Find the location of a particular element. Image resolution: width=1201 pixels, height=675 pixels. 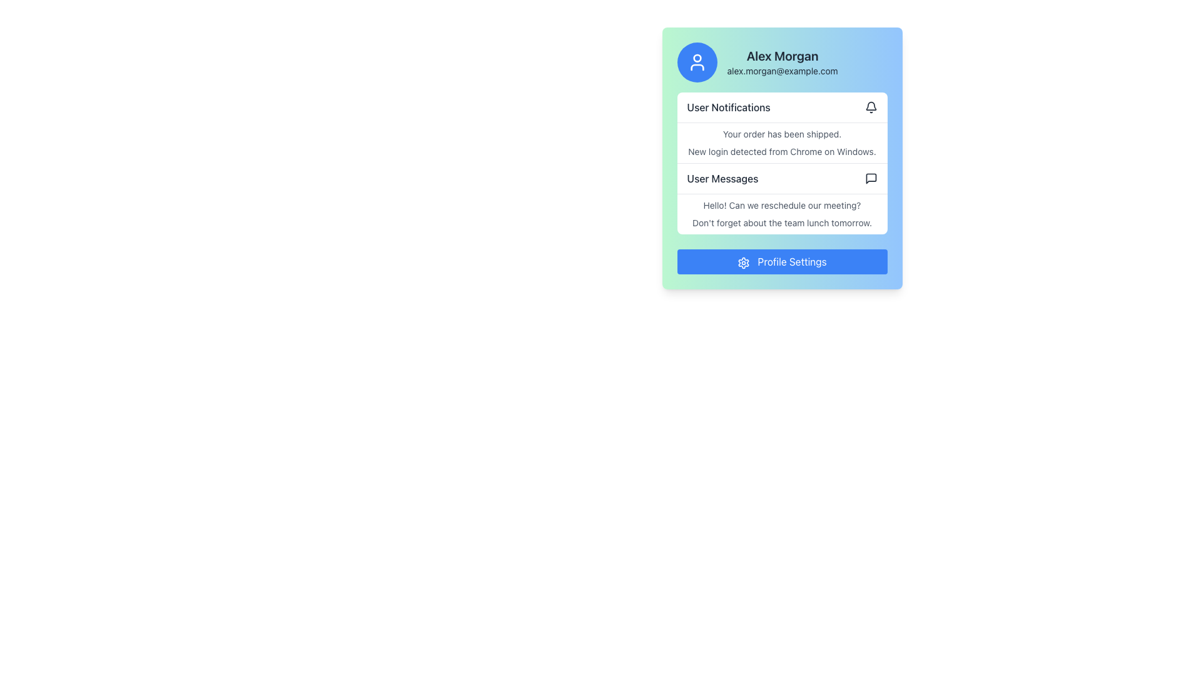

the user profile avatar icon located within the circular blue background at the top-left section of the card interface is located at coordinates (696, 62).